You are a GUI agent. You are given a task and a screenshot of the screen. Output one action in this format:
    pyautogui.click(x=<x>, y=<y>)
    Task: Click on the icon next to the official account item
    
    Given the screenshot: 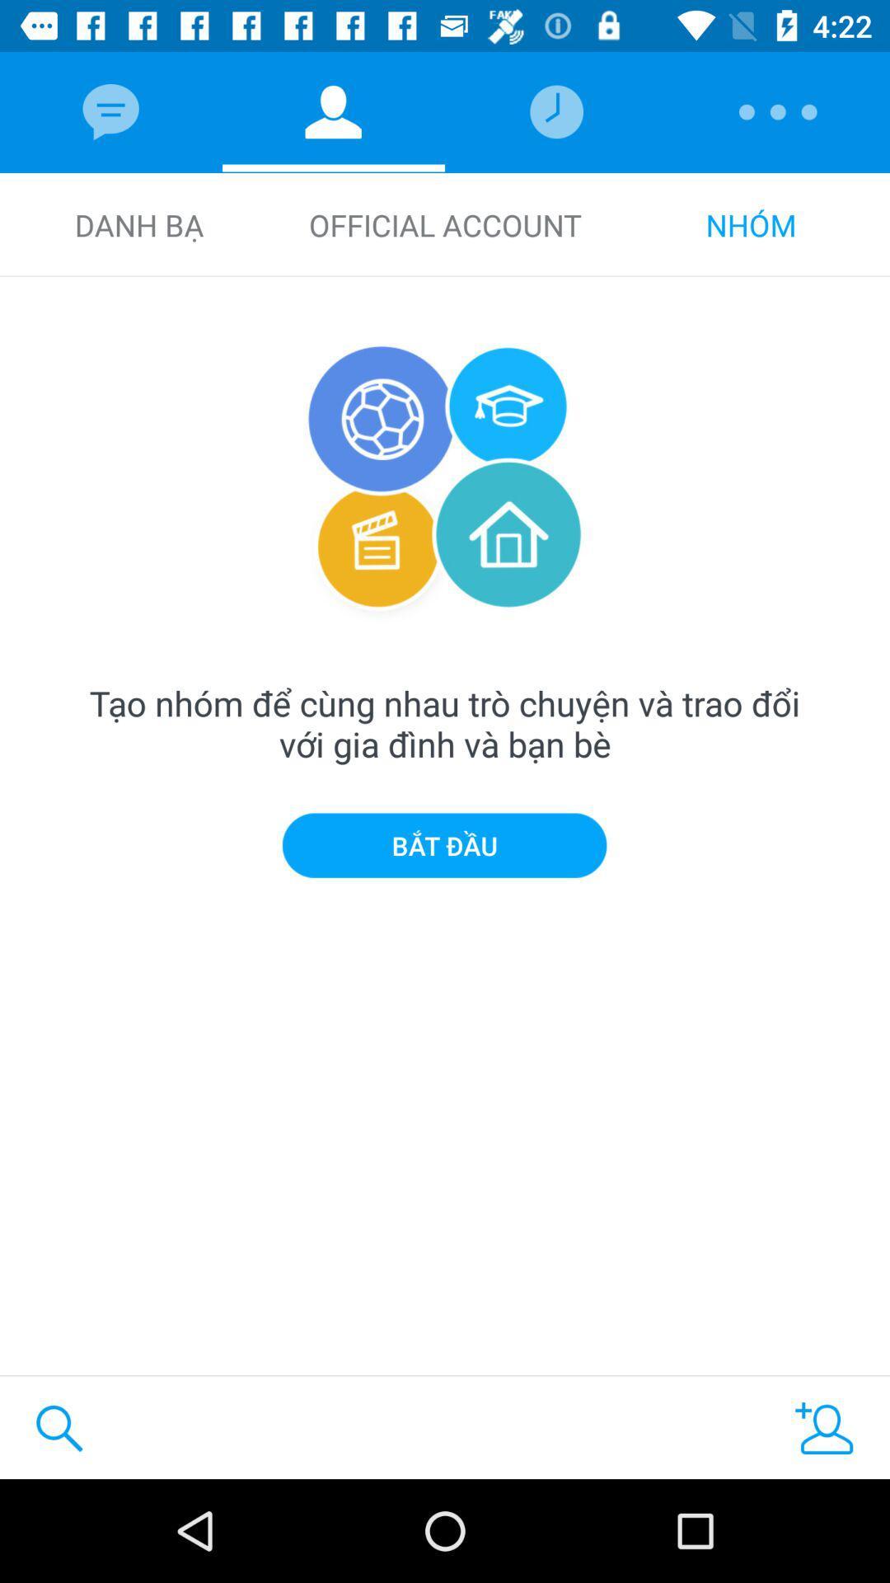 What is the action you would take?
    pyautogui.click(x=751, y=224)
    